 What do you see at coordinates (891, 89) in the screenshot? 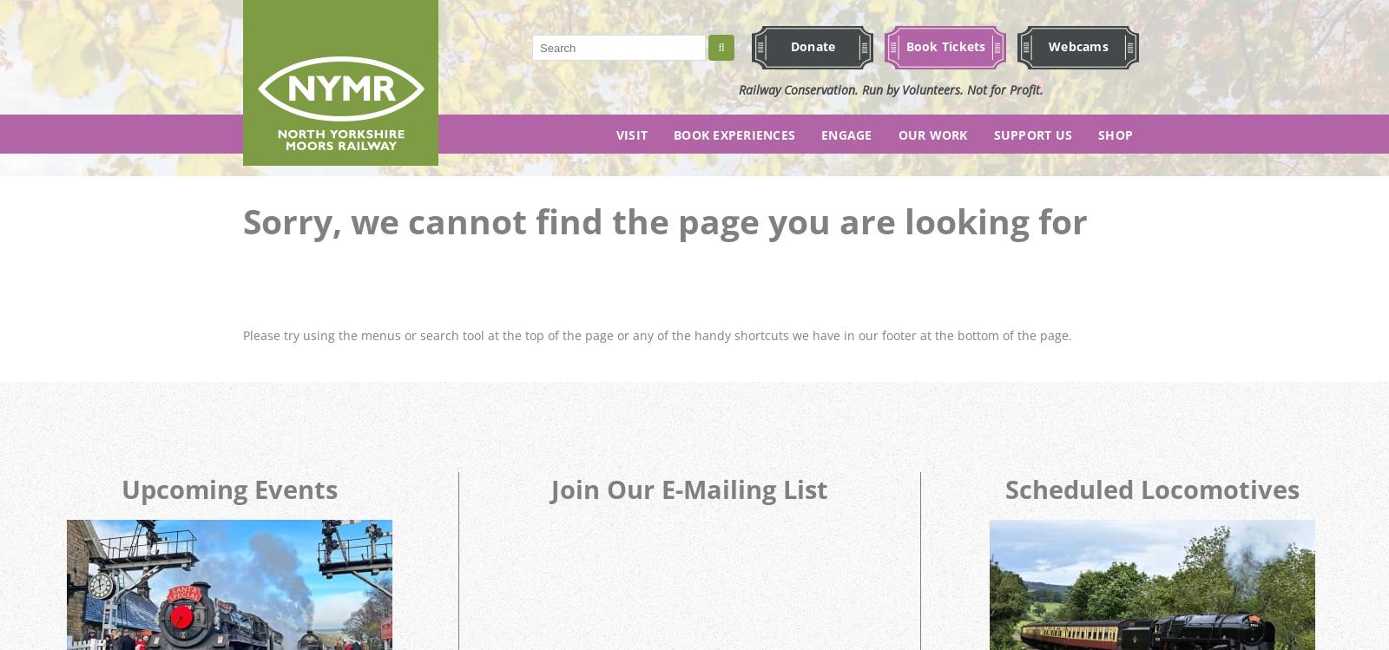
I see `'Railway Conservation. Run by Volunteers. Not for Profit.'` at bounding box center [891, 89].